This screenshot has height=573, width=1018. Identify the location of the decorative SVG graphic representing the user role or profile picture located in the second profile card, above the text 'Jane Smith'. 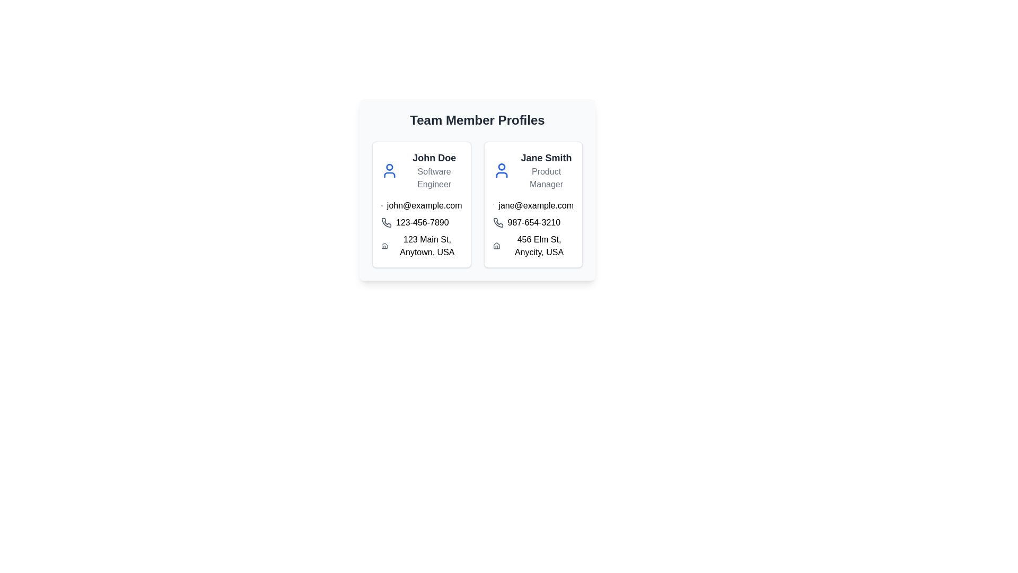
(501, 175).